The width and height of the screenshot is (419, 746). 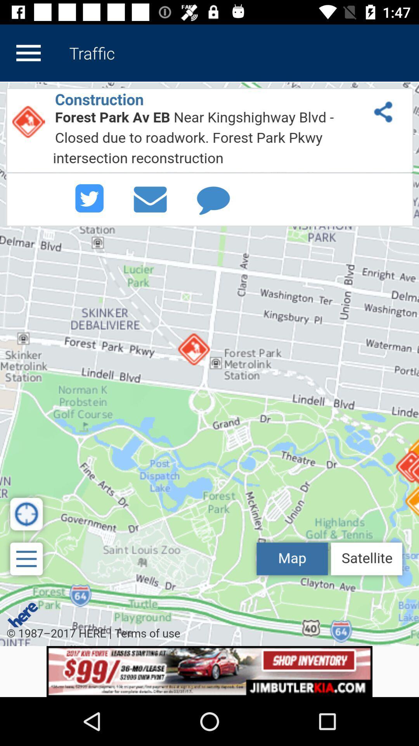 I want to click on display advertisement, so click(x=209, y=671).